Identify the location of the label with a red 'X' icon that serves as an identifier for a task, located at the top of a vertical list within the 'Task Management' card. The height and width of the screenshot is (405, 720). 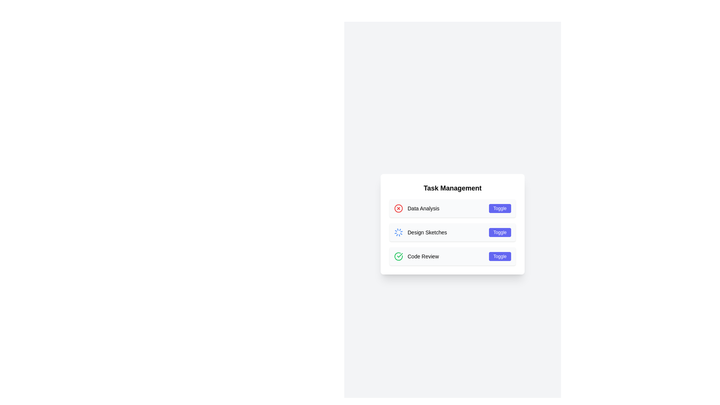
(416, 208).